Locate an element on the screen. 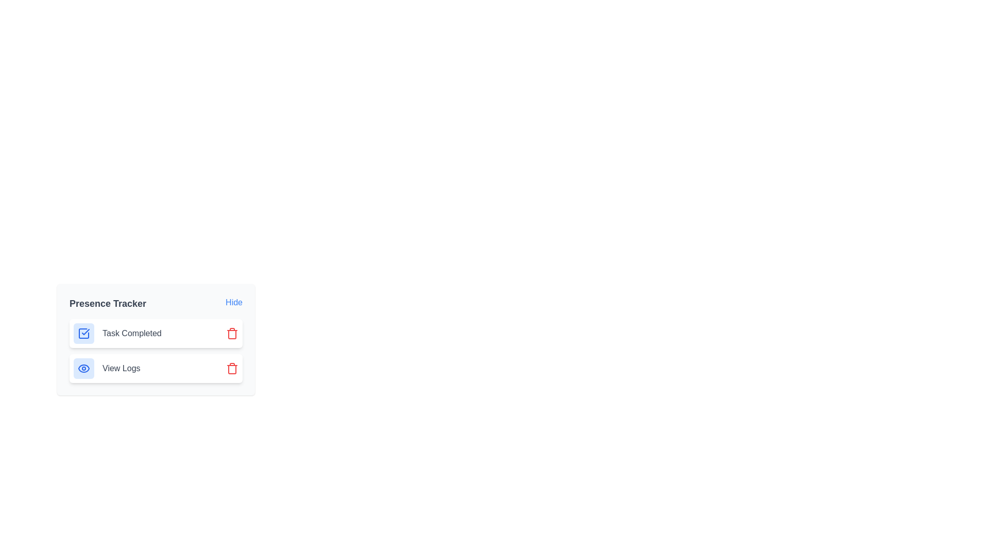  the check mark icon indicating 'Task Completed' located in the 'Presence Tracker' section, positioned to the left of the text label in the first list item is located at coordinates (84, 334).